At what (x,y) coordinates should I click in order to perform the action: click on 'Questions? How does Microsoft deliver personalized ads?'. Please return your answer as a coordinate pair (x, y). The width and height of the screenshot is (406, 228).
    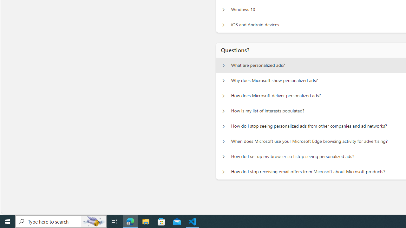
    Looking at the image, I should click on (223, 96).